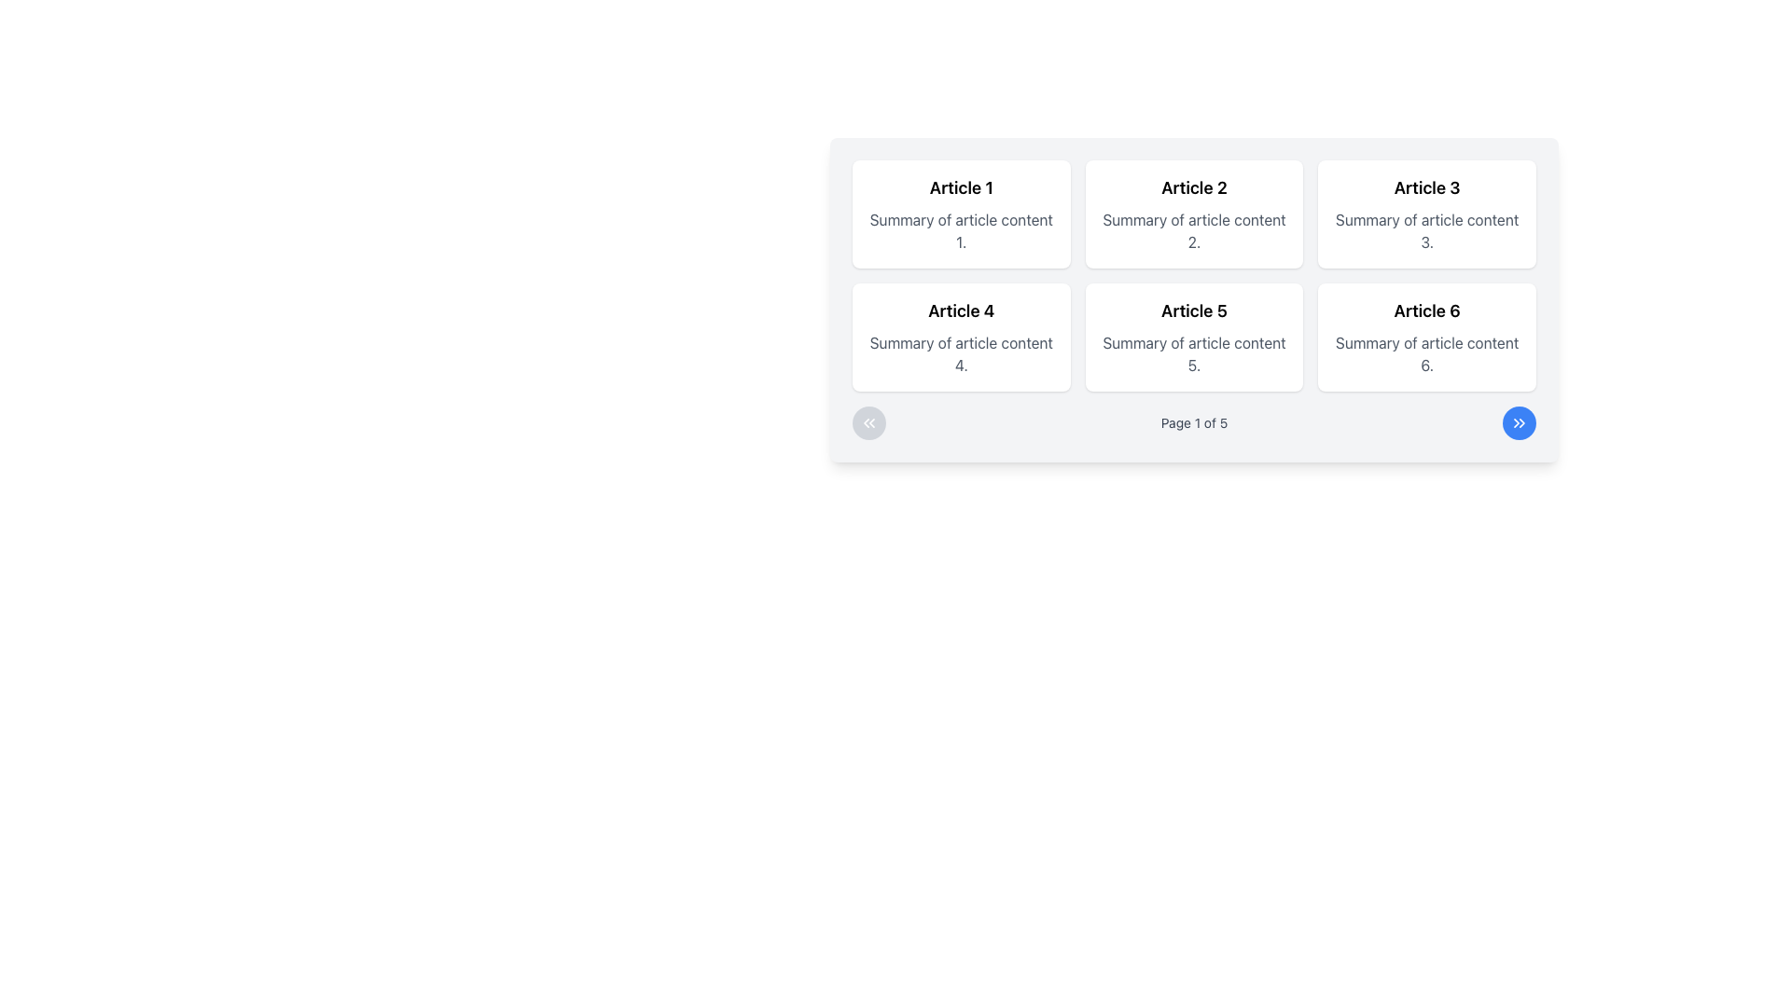  Describe the element at coordinates (1194, 338) in the screenshot. I see `on the fifth Content card in the 3x2 grid layout` at that location.